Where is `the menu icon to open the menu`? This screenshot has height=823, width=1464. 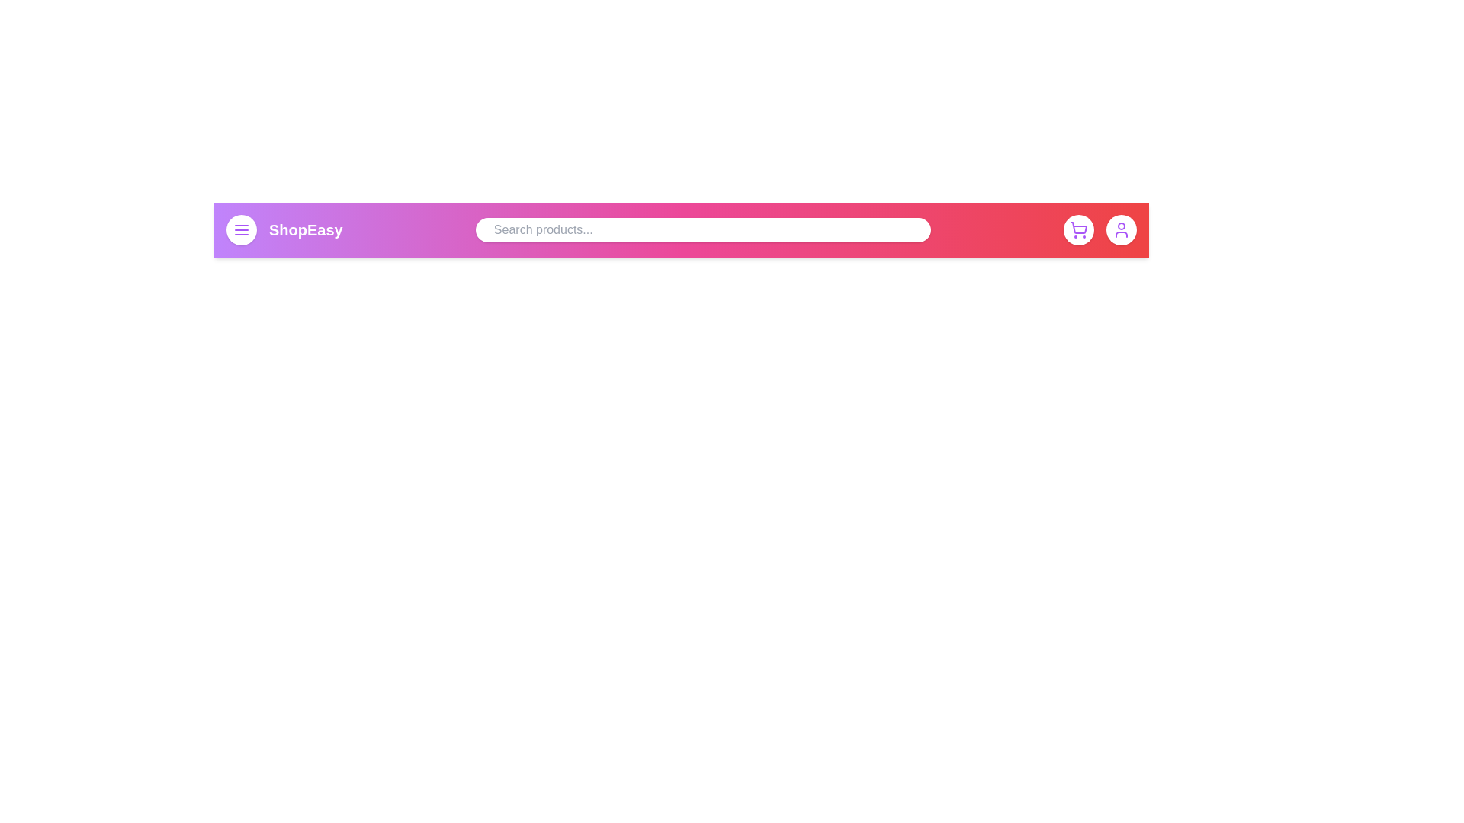
the menu icon to open the menu is located at coordinates (240, 229).